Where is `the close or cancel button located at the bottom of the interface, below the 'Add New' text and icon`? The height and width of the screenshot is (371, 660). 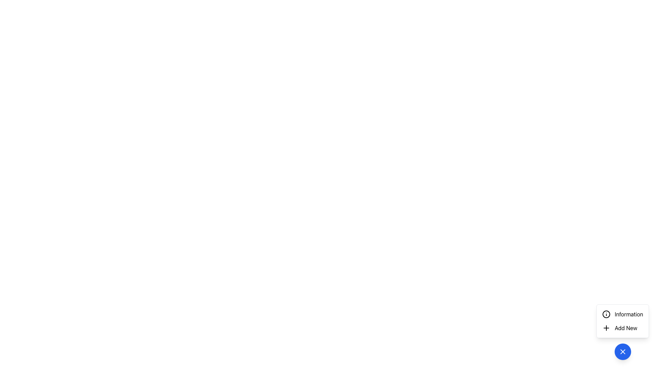
the close or cancel button located at the bottom of the interface, below the 'Add New' text and icon is located at coordinates (623, 351).